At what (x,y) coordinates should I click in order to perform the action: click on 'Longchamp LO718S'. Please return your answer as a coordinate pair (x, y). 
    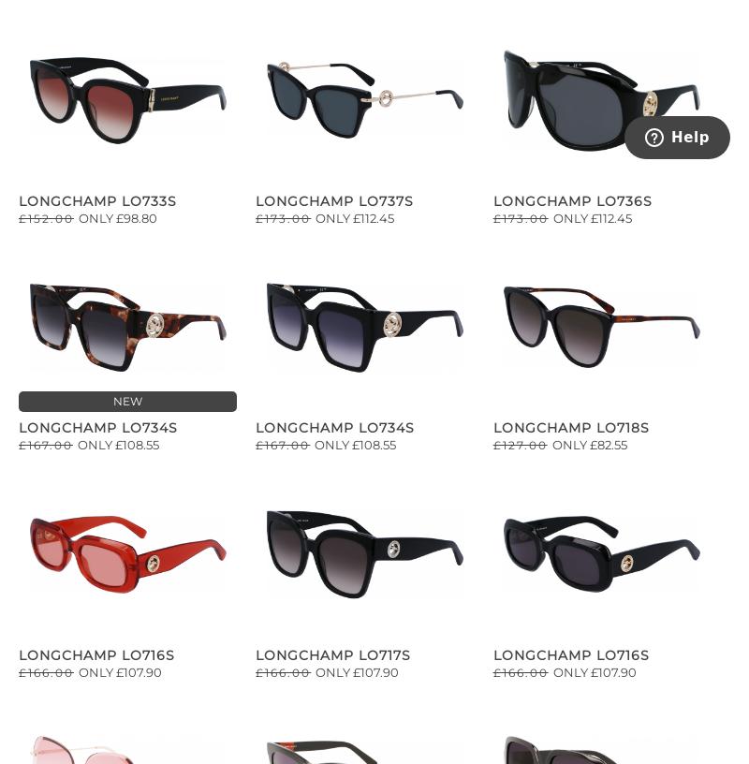
    Looking at the image, I should click on (570, 426).